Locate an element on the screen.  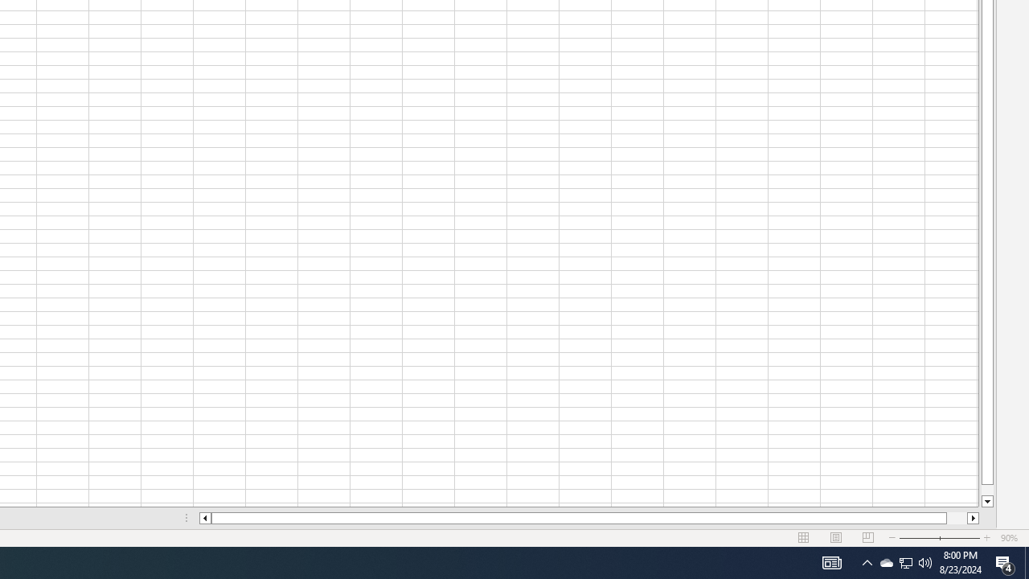
'Zoom' is located at coordinates (939, 538).